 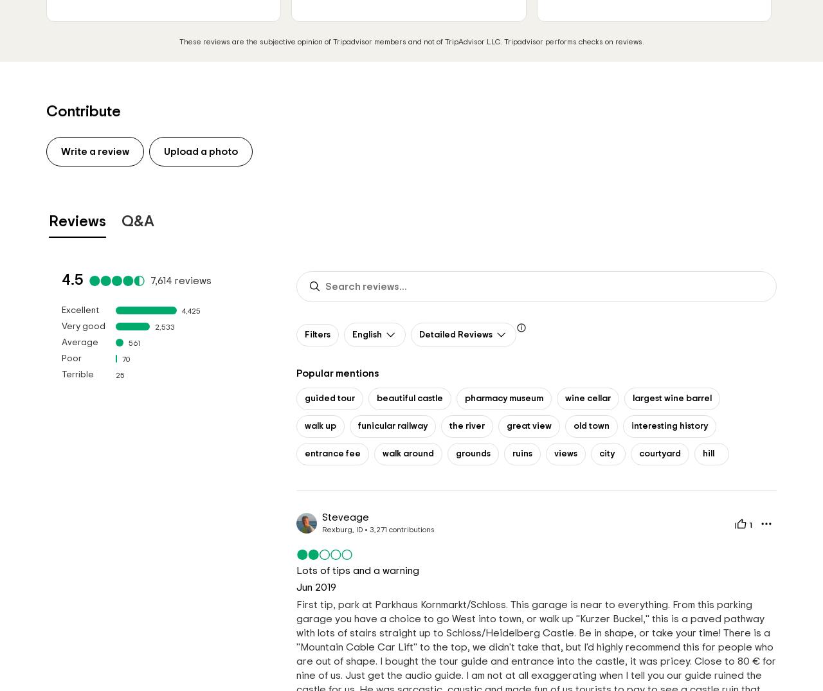 What do you see at coordinates (60, 150) in the screenshot?
I see `'Write a review'` at bounding box center [60, 150].